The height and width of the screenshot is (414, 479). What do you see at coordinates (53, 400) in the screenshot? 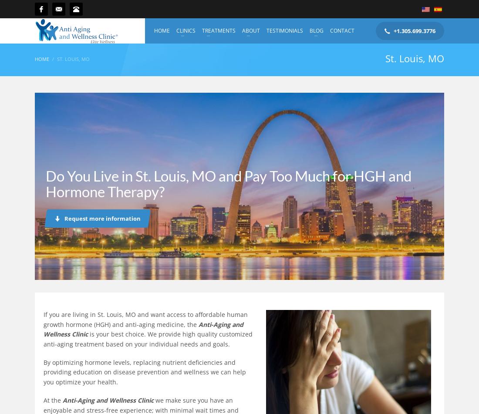
I see `'At the'` at bounding box center [53, 400].